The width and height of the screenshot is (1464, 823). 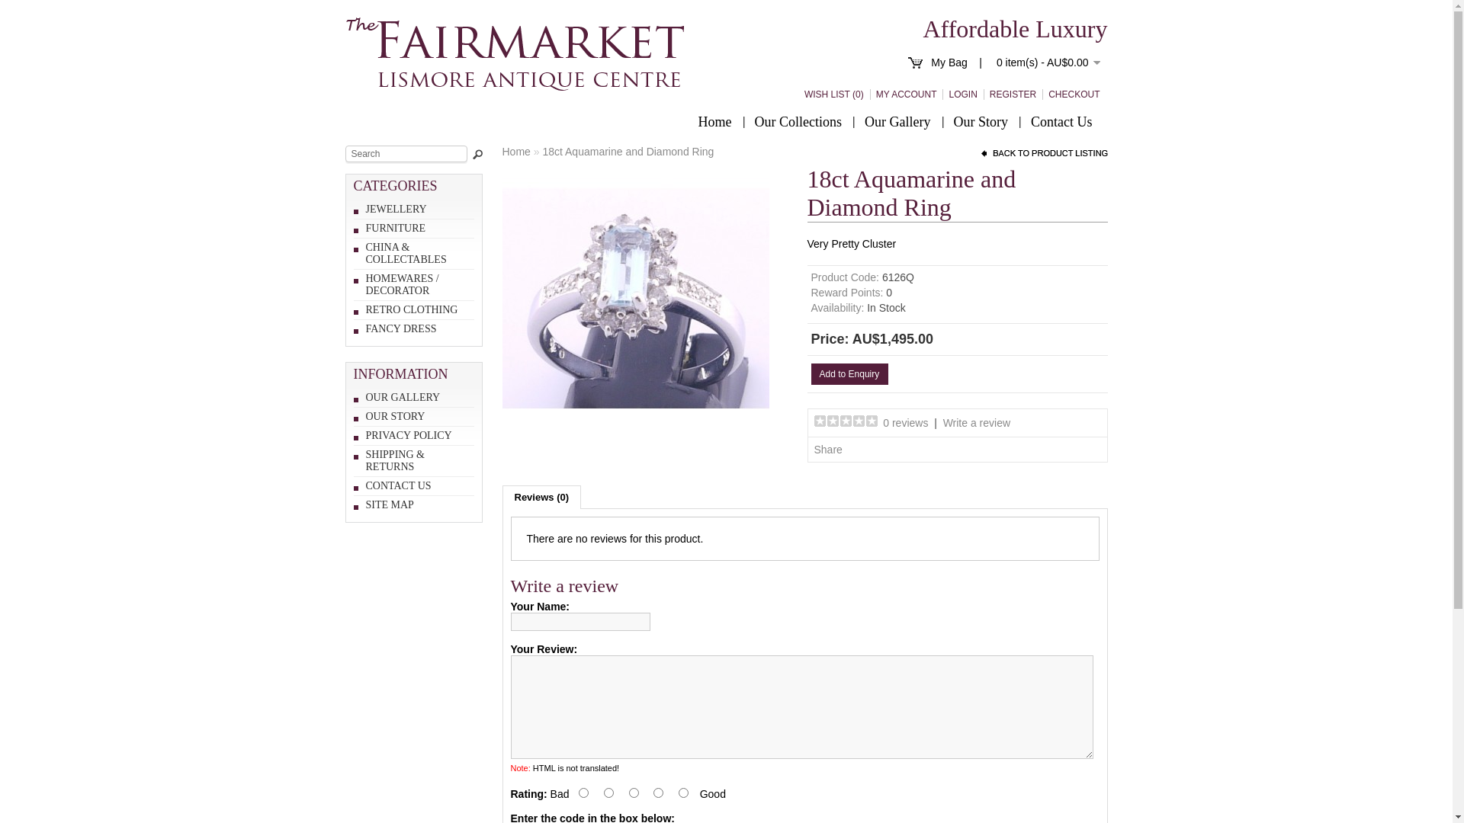 What do you see at coordinates (366, 228) in the screenshot?
I see `'FURNITURE'` at bounding box center [366, 228].